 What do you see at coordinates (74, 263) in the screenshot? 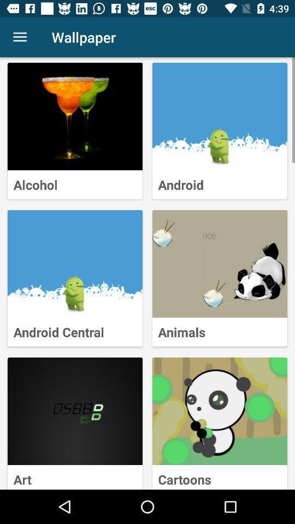
I see `press to select image as wallpaper` at bounding box center [74, 263].